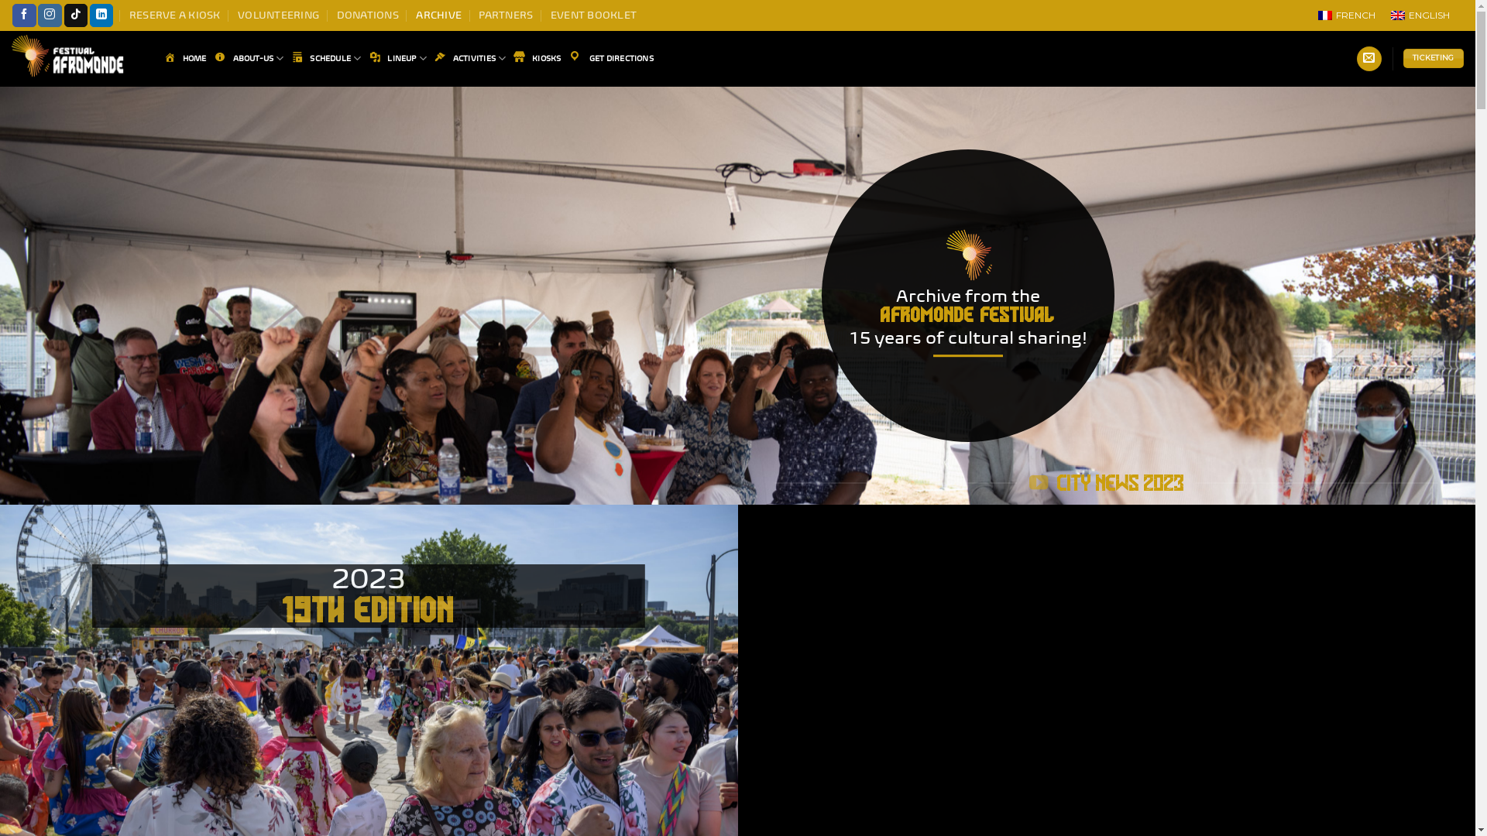  Describe the element at coordinates (1345, 15) in the screenshot. I see `'FRENCH'` at that location.